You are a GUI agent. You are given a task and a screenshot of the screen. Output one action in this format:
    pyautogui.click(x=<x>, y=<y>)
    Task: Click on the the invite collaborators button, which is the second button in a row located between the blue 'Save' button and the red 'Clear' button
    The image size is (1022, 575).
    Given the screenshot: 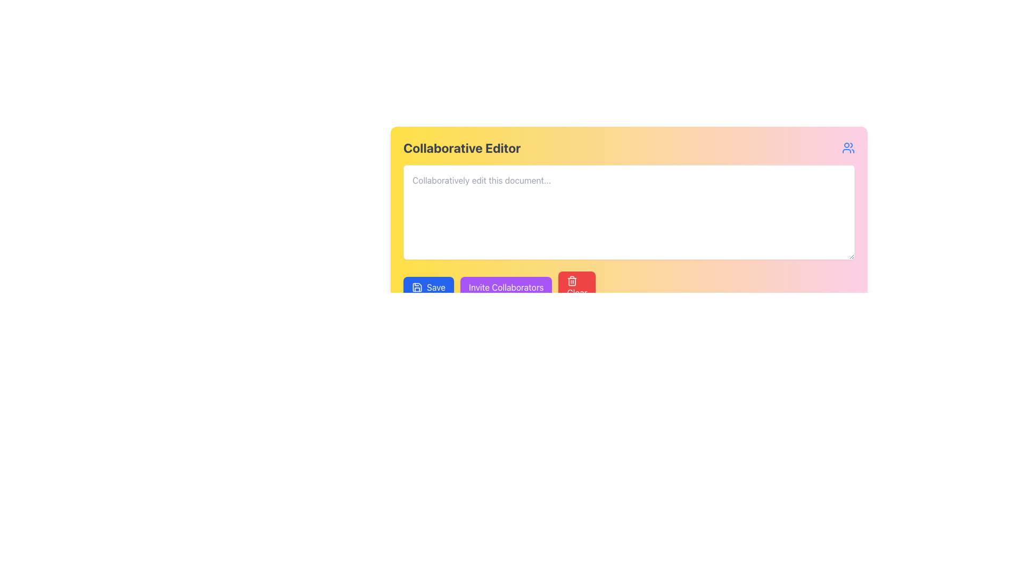 What is the action you would take?
    pyautogui.click(x=506, y=287)
    